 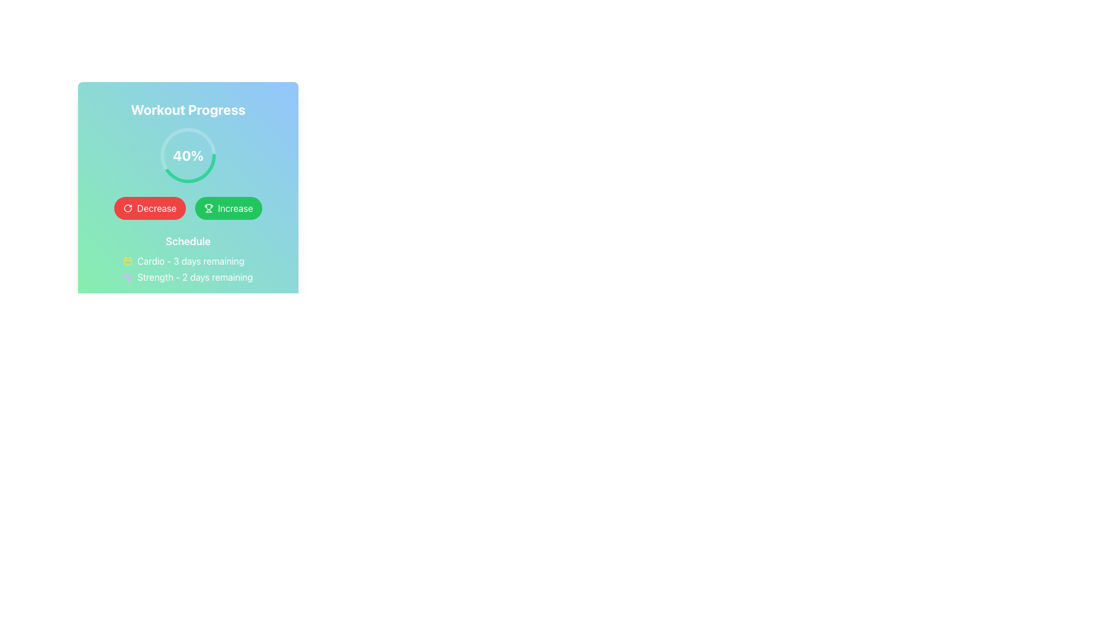 What do you see at coordinates (188, 155) in the screenshot?
I see `the circular progress indicator with a thin white outline on a light blue to green gradient background, located centrally in the upper part of the layout, adjacent to the 'Workout Progress' text` at bounding box center [188, 155].